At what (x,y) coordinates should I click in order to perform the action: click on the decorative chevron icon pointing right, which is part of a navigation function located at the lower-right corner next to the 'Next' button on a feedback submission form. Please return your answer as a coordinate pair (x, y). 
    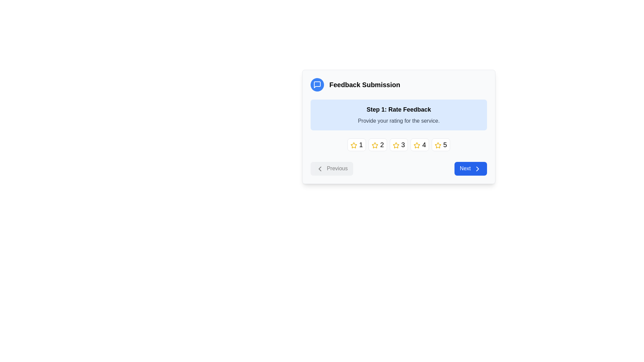
    Looking at the image, I should click on (477, 168).